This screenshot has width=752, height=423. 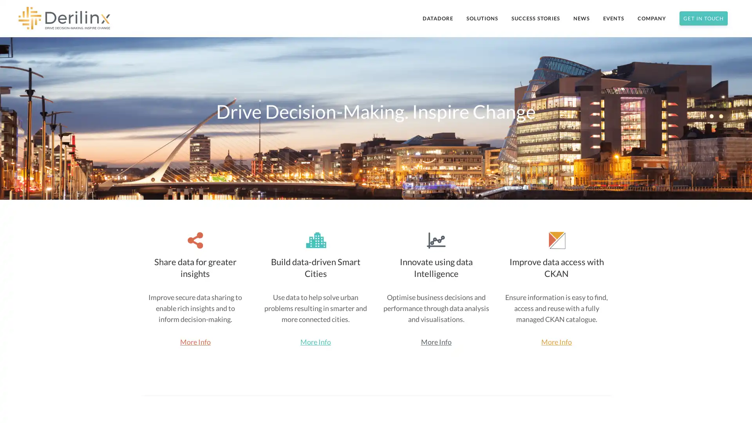 What do you see at coordinates (669, 407) in the screenshot?
I see `Subscribe Now` at bounding box center [669, 407].